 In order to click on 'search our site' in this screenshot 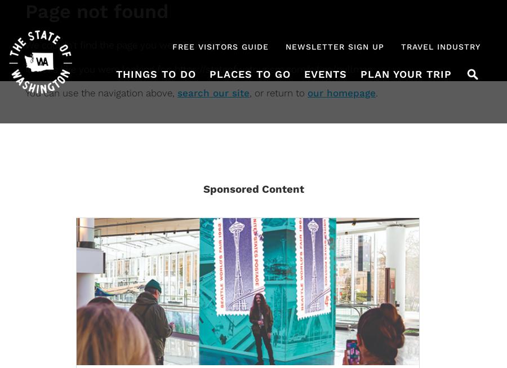, I will do `click(213, 92)`.